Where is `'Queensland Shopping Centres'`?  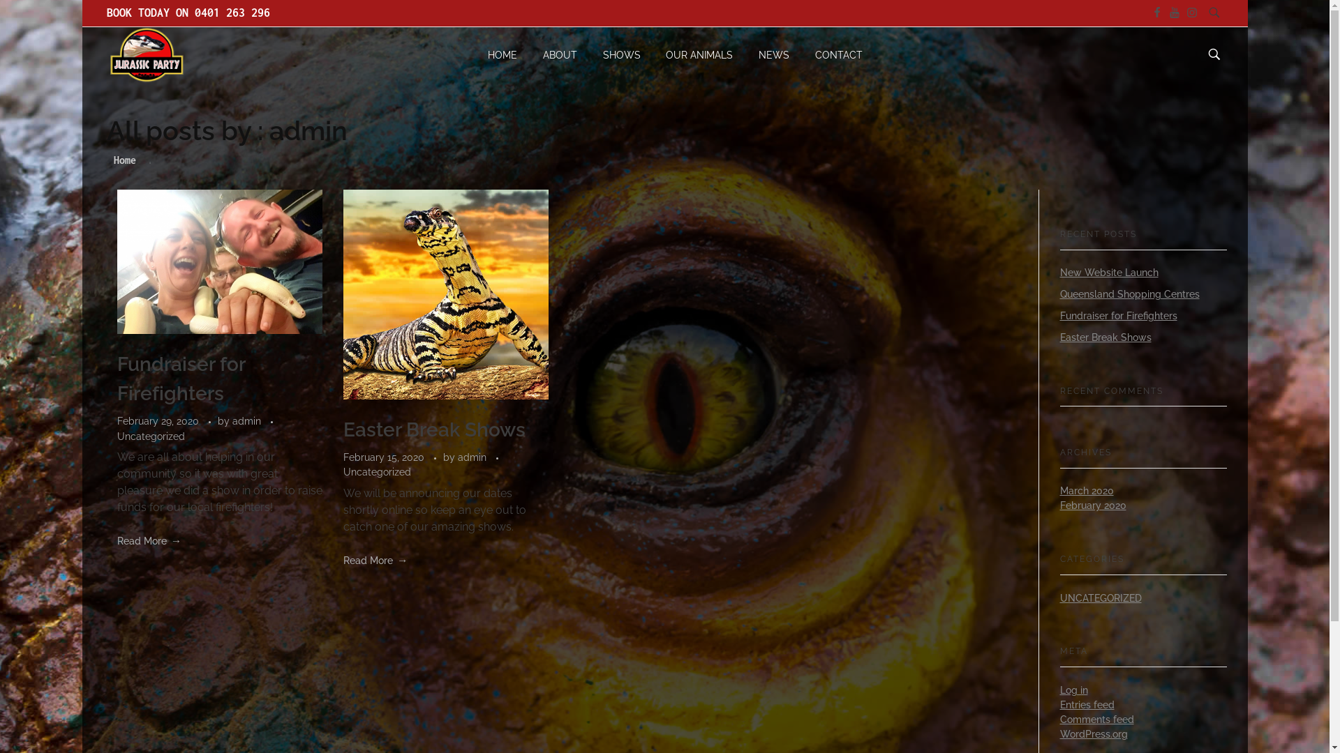
'Queensland Shopping Centres' is located at coordinates (1129, 293).